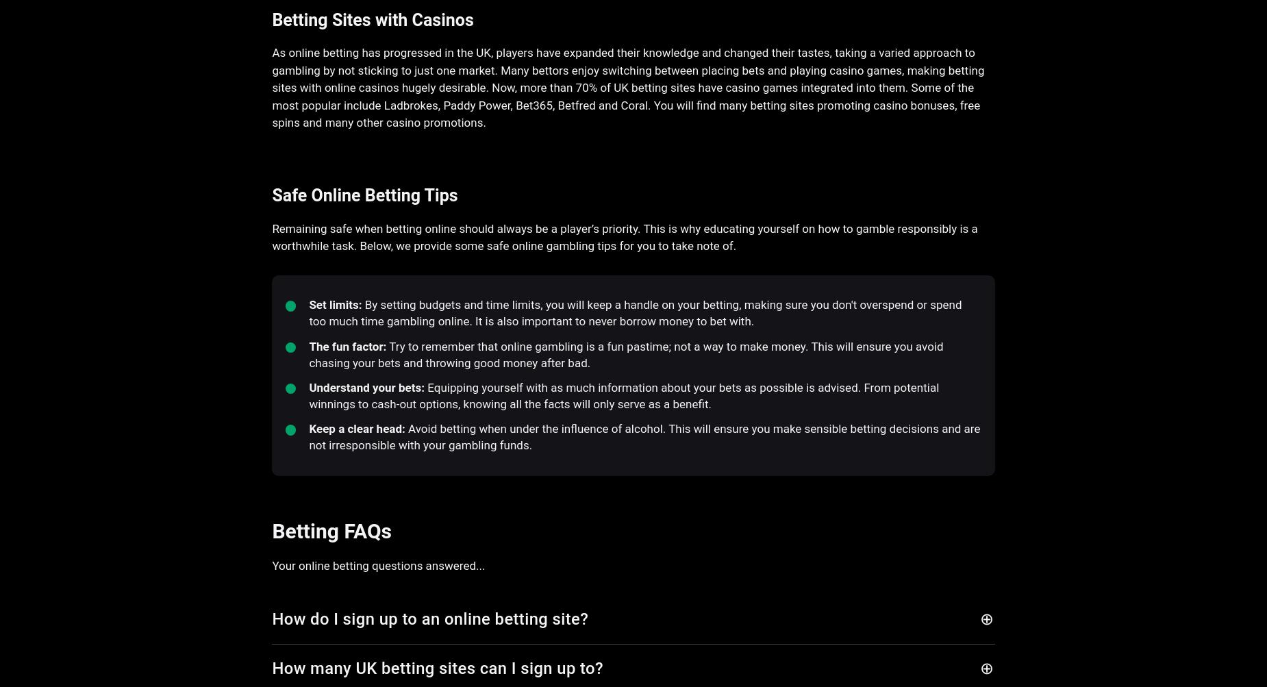 The height and width of the screenshot is (687, 1267). What do you see at coordinates (335, 305) in the screenshot?
I see `'Set limits:'` at bounding box center [335, 305].